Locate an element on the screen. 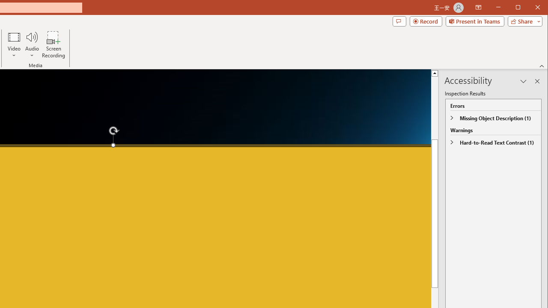 The image size is (548, 308). 'Close' is located at coordinates (539, 8).